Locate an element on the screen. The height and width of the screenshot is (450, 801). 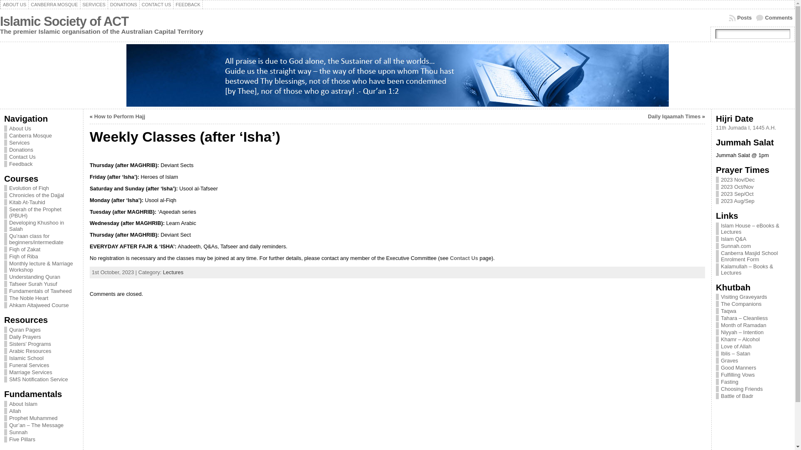
'Feedback' is located at coordinates (41, 164).